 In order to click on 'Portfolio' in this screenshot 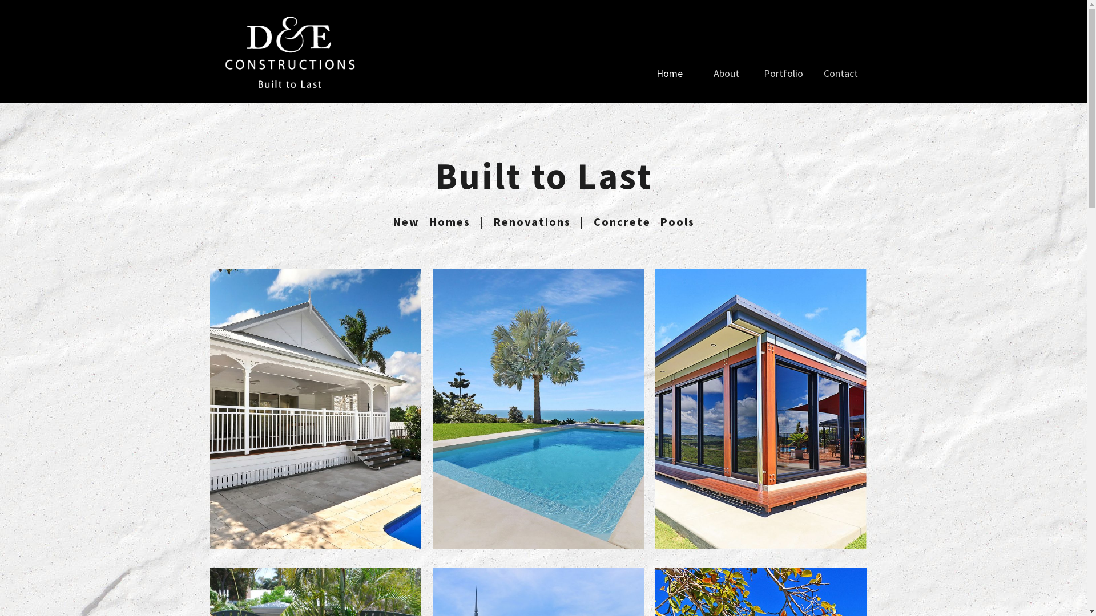, I will do `click(783, 74)`.